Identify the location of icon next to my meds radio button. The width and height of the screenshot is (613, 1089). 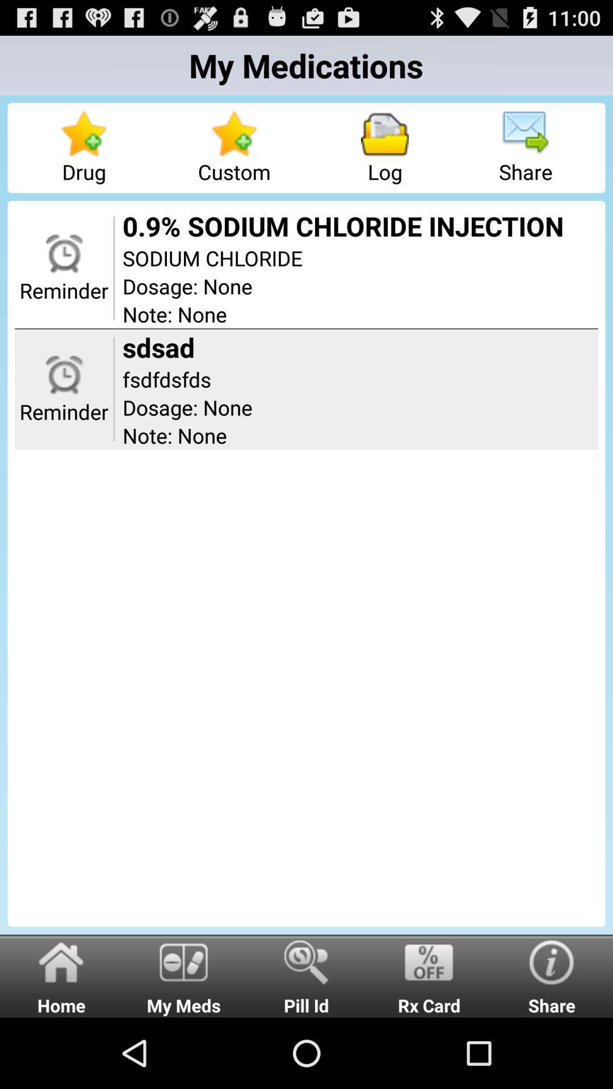
(306, 975).